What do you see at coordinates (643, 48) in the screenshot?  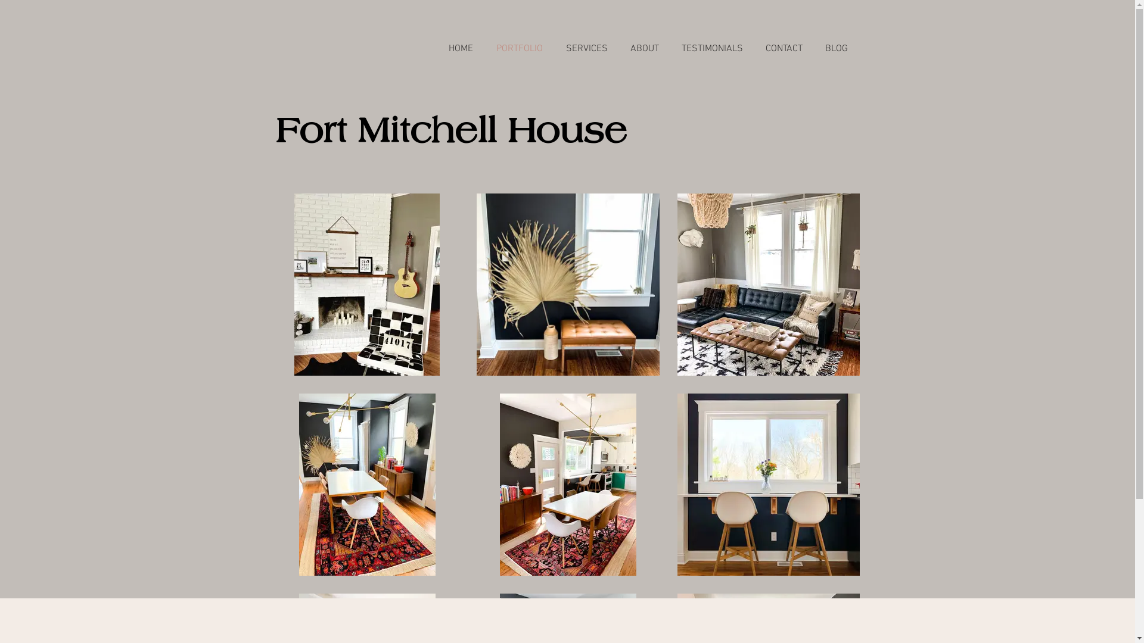 I see `'ABOUT'` at bounding box center [643, 48].